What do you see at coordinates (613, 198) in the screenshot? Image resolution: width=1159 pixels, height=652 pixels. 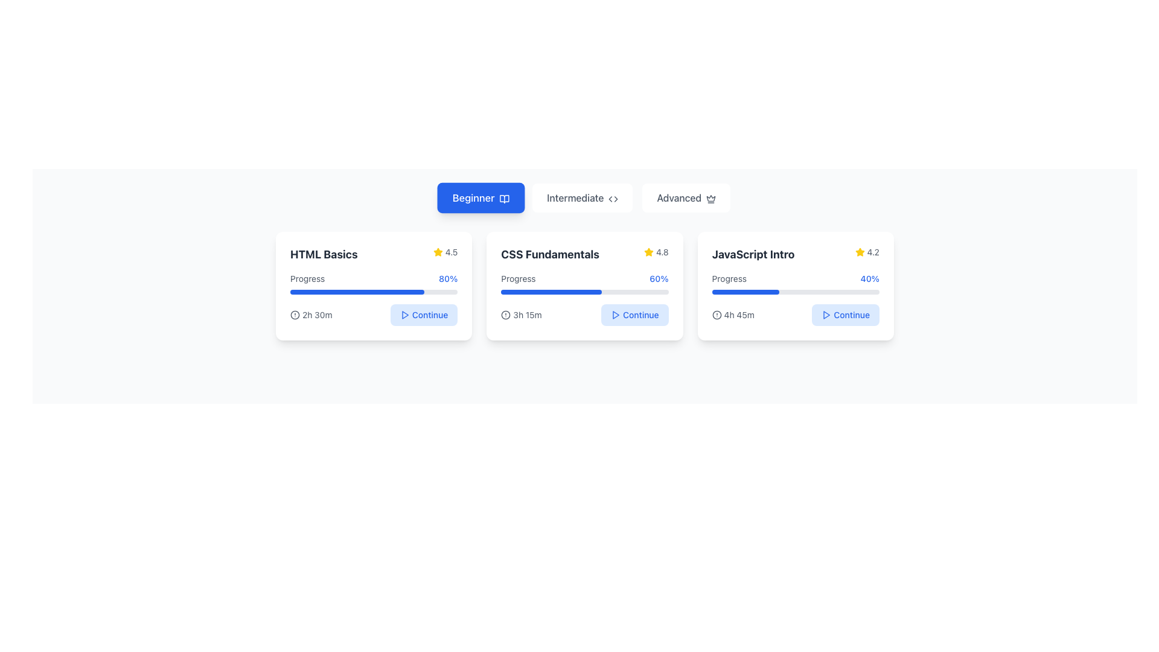 I see `the code symbol icon associated with the 'Intermediate' button located in the navigation bar, positioned between the 'Beginner' and 'Advanced' buttons` at bounding box center [613, 198].